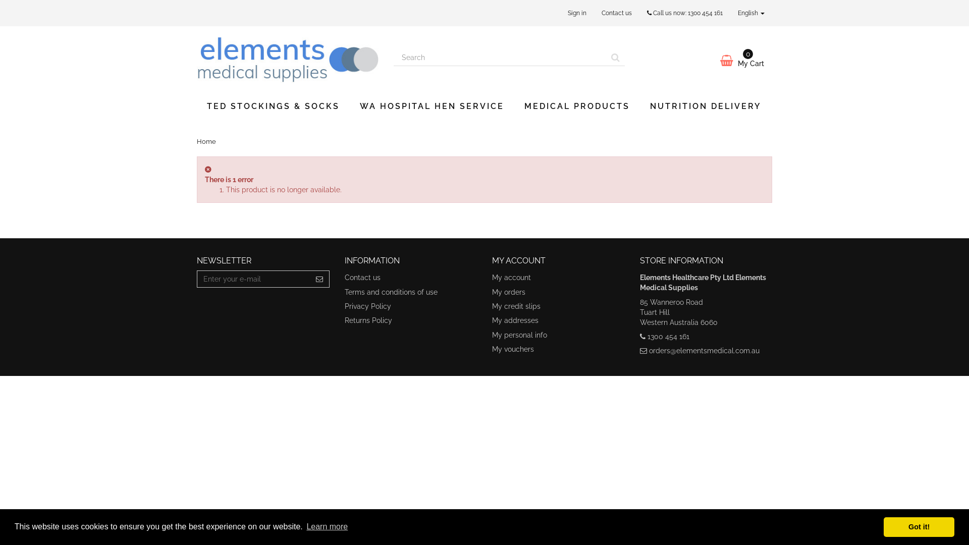  Describe the element at coordinates (344, 305) in the screenshot. I see `'Privacy Policy'` at that location.